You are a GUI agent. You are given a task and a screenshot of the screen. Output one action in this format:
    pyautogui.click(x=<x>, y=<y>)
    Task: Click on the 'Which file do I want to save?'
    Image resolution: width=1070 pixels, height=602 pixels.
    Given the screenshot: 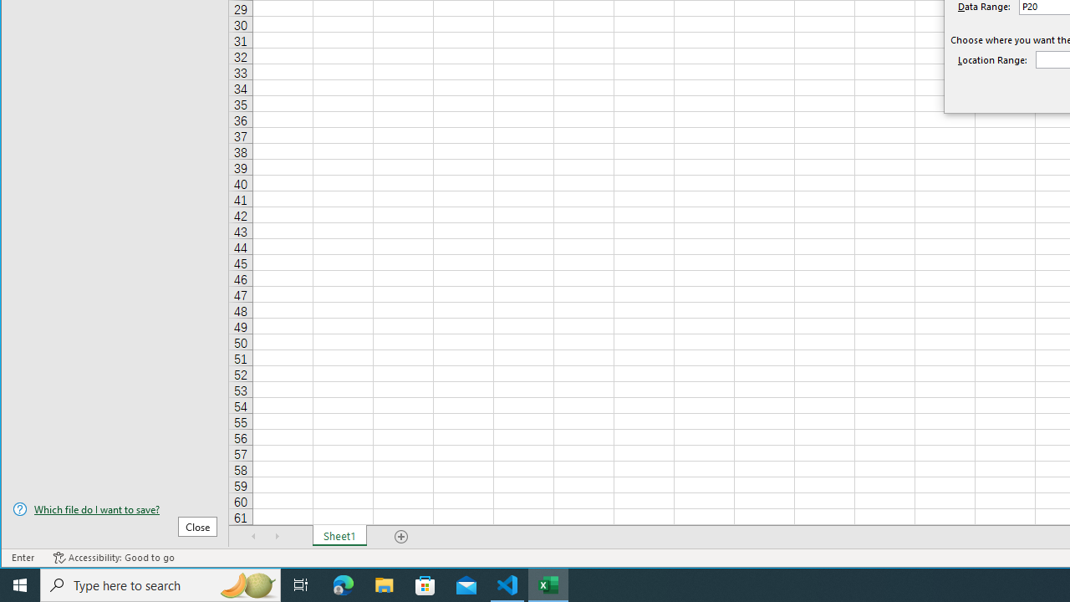 What is the action you would take?
    pyautogui.click(x=114, y=508)
    